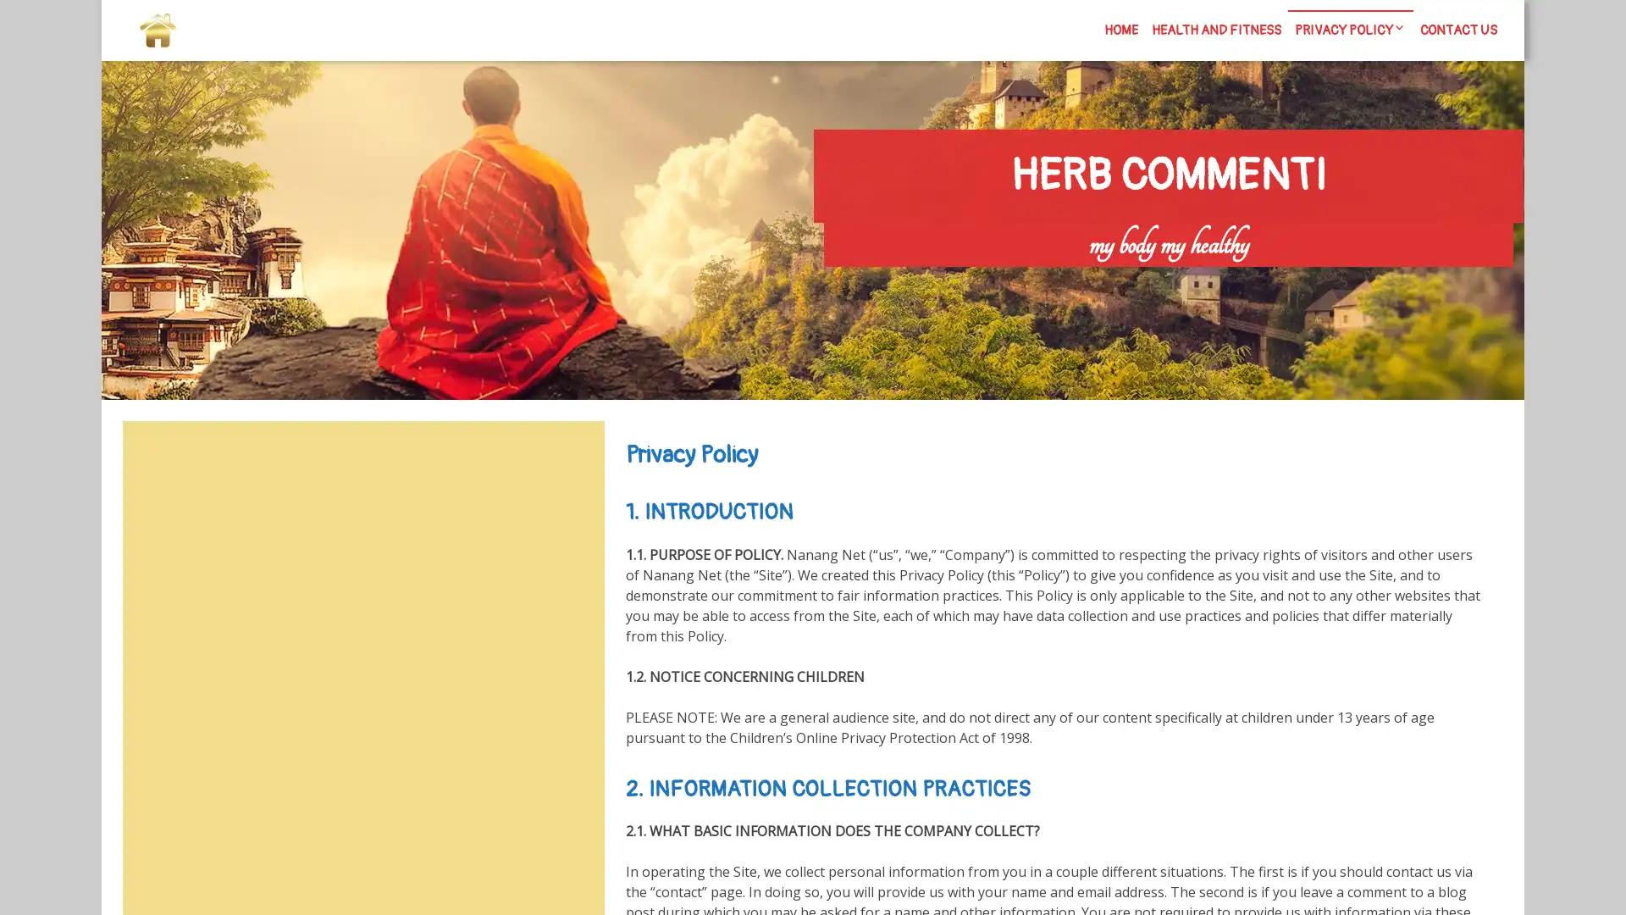  Describe the element at coordinates (565, 462) in the screenshot. I see `Search` at that location.